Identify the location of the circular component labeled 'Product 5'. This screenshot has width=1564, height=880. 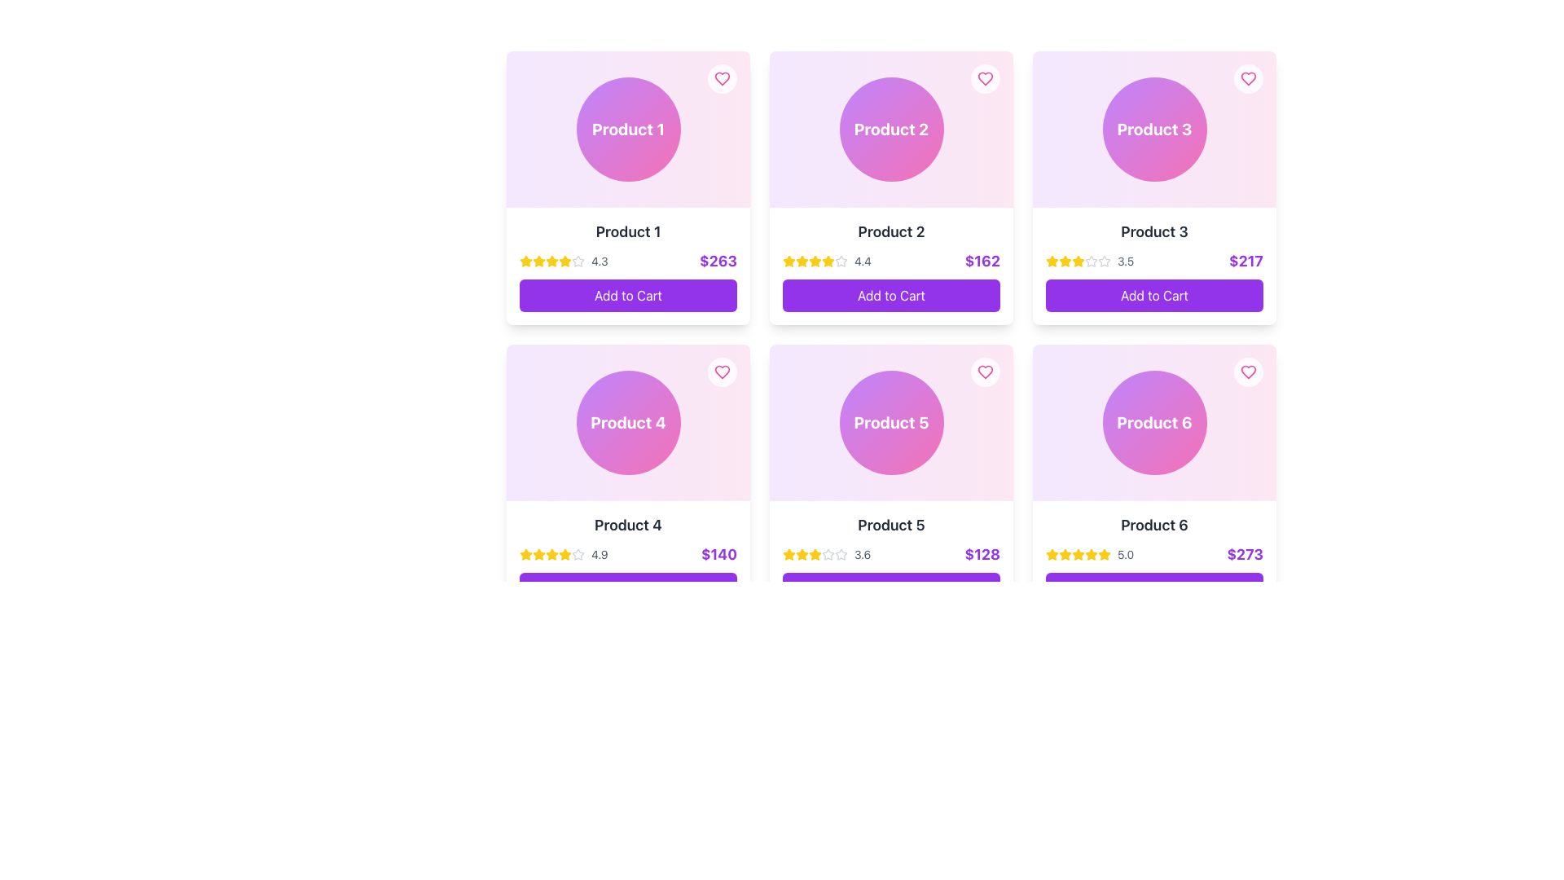
(890, 422).